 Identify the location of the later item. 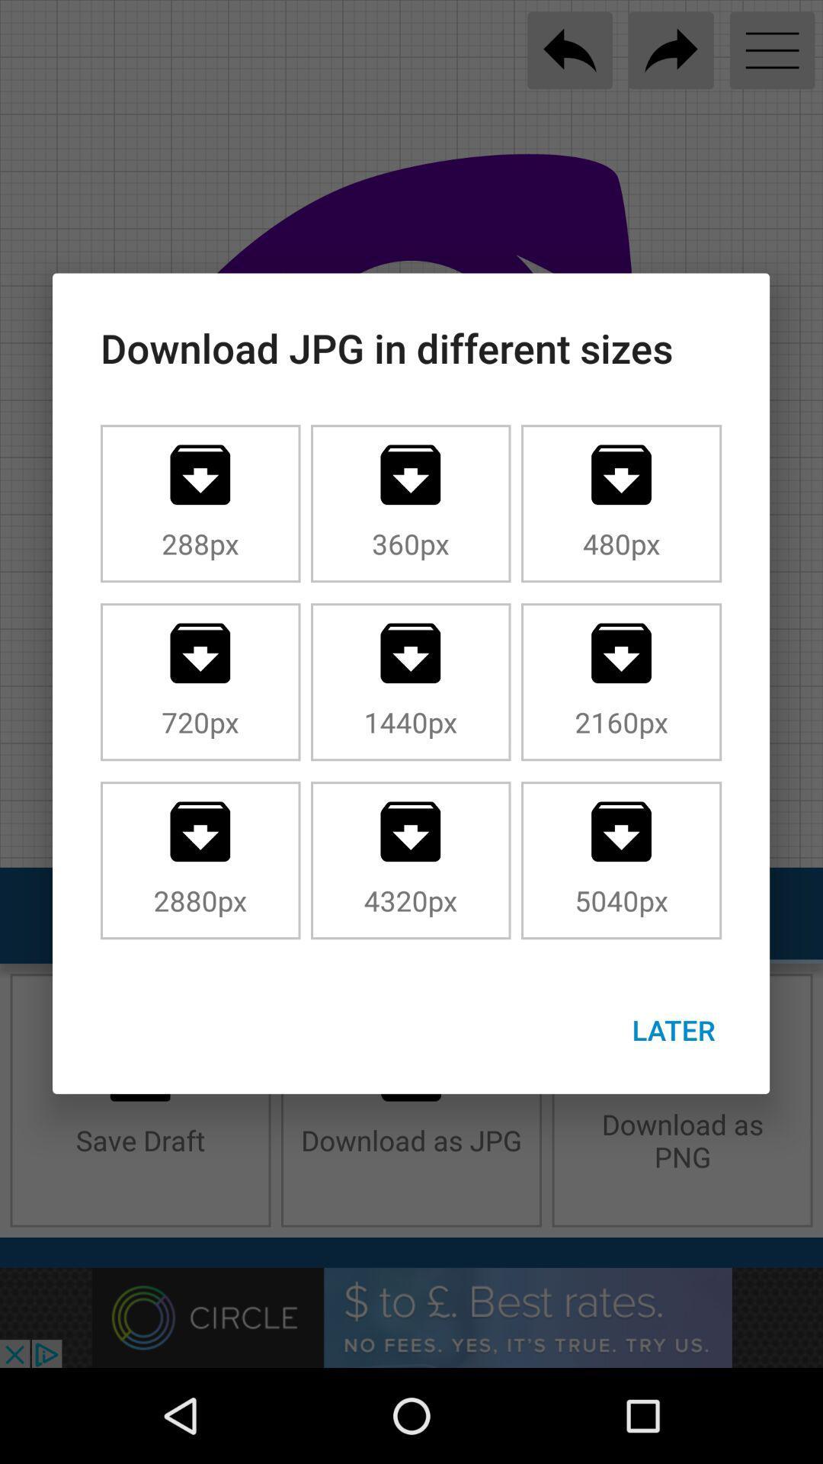
(673, 1029).